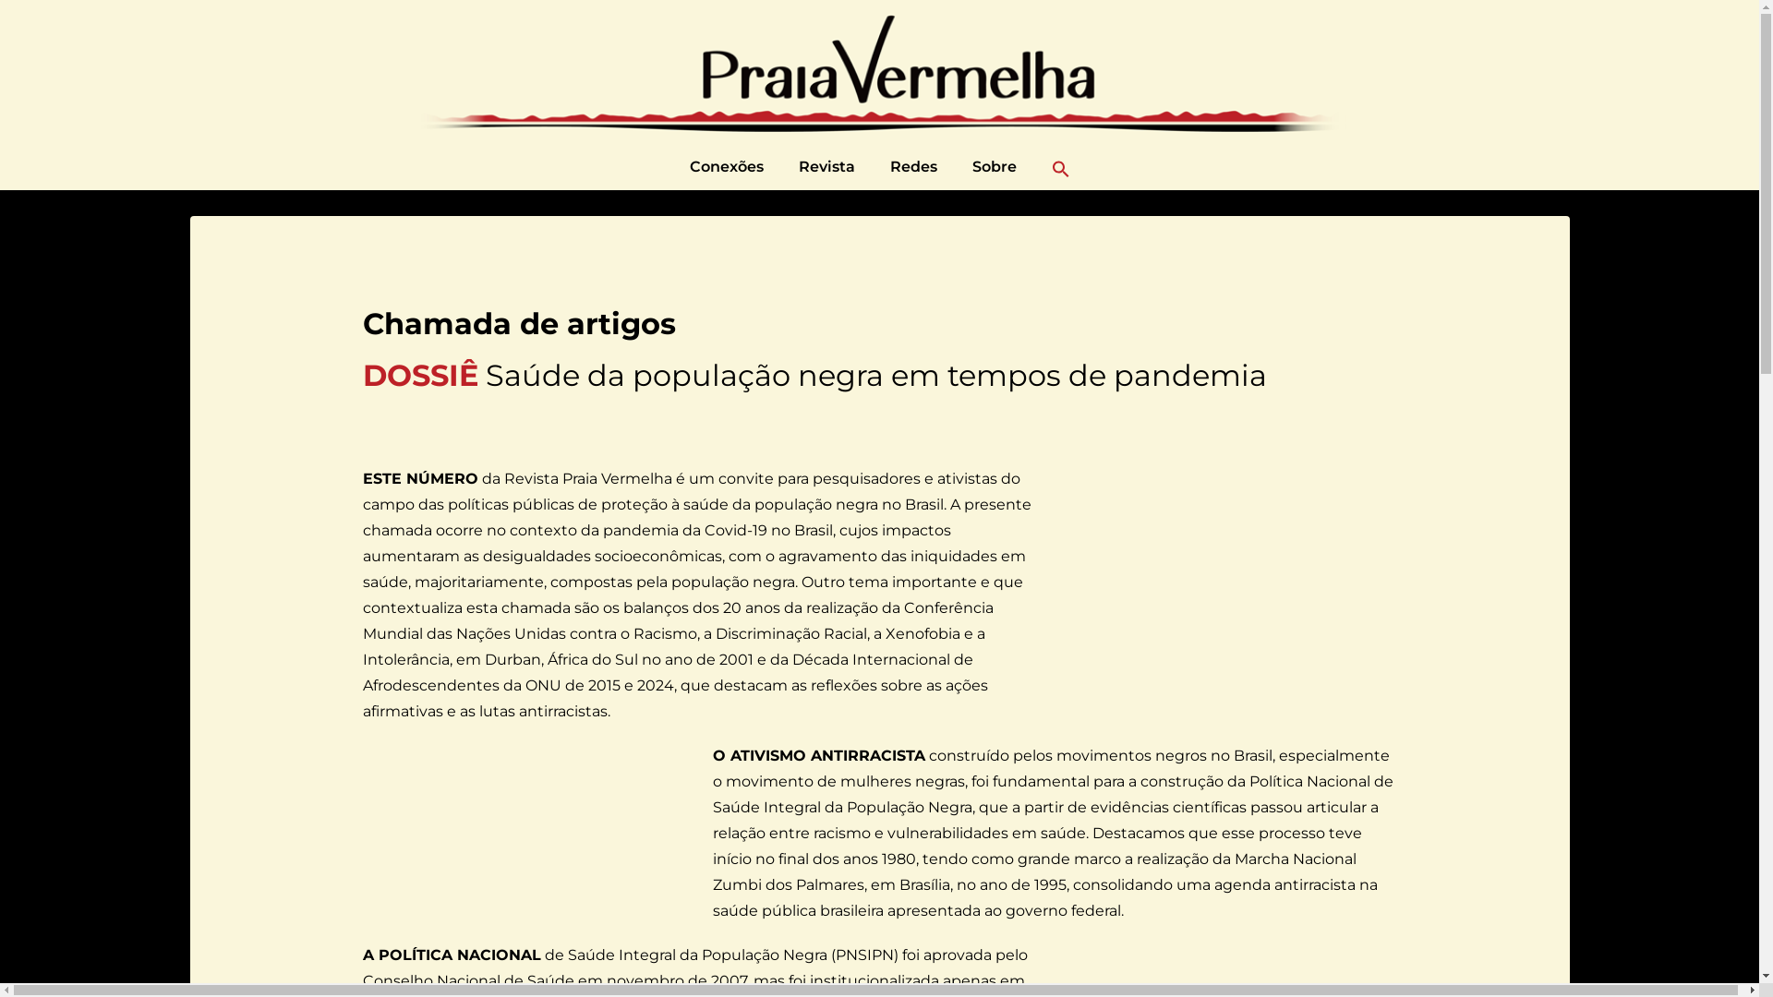  I want to click on 'Sobre', so click(954, 167).